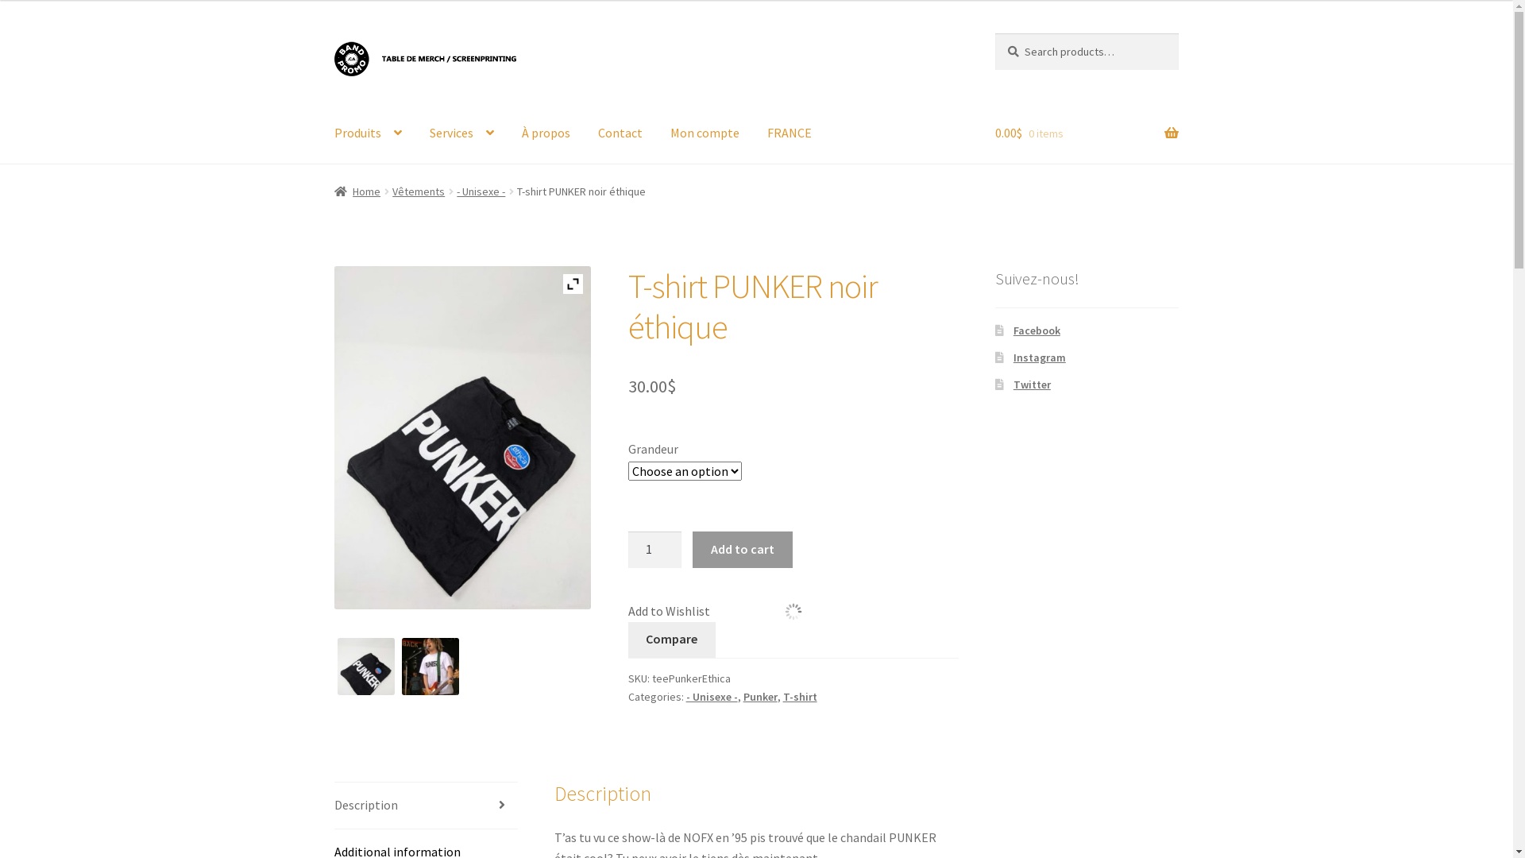 Image resolution: width=1525 pixels, height=858 pixels. I want to click on 'Services', so click(416, 133).